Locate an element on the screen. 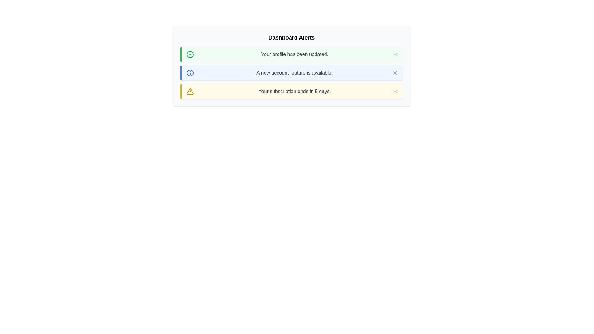  the small, slanted cross icon in the right end of the third notification item within the yellow alert box labeled 'Your subscription ends in 5 days' is located at coordinates (394, 92).